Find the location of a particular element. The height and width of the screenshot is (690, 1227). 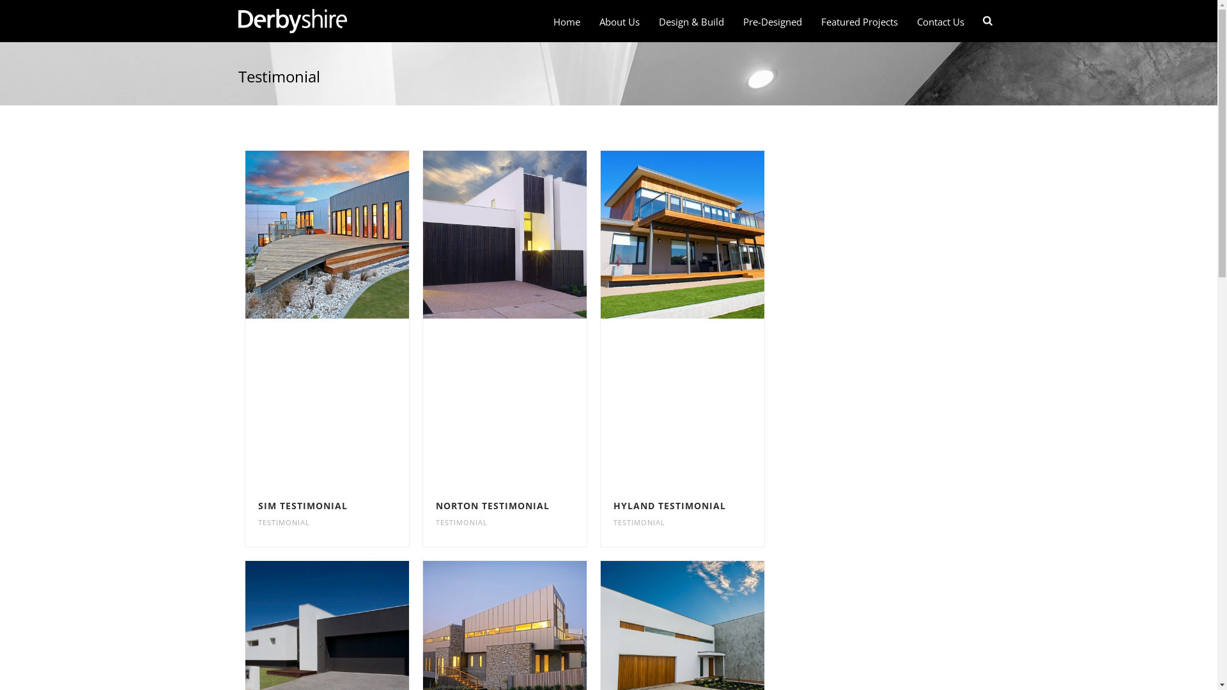

'Design & Build' is located at coordinates (690, 22).